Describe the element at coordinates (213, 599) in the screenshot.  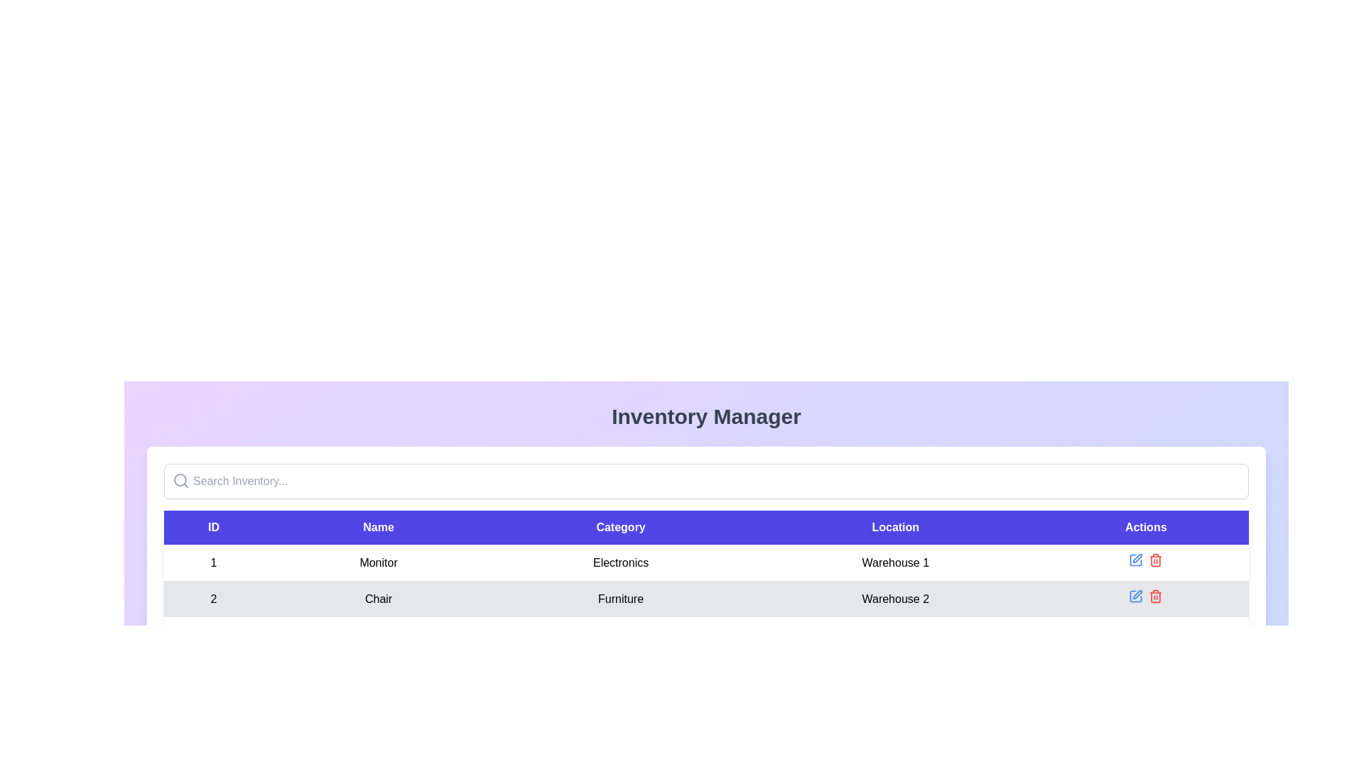
I see `the first cell in the data table that contains the identifier '2' for the item 'Chair' in the 'ID' column` at that location.